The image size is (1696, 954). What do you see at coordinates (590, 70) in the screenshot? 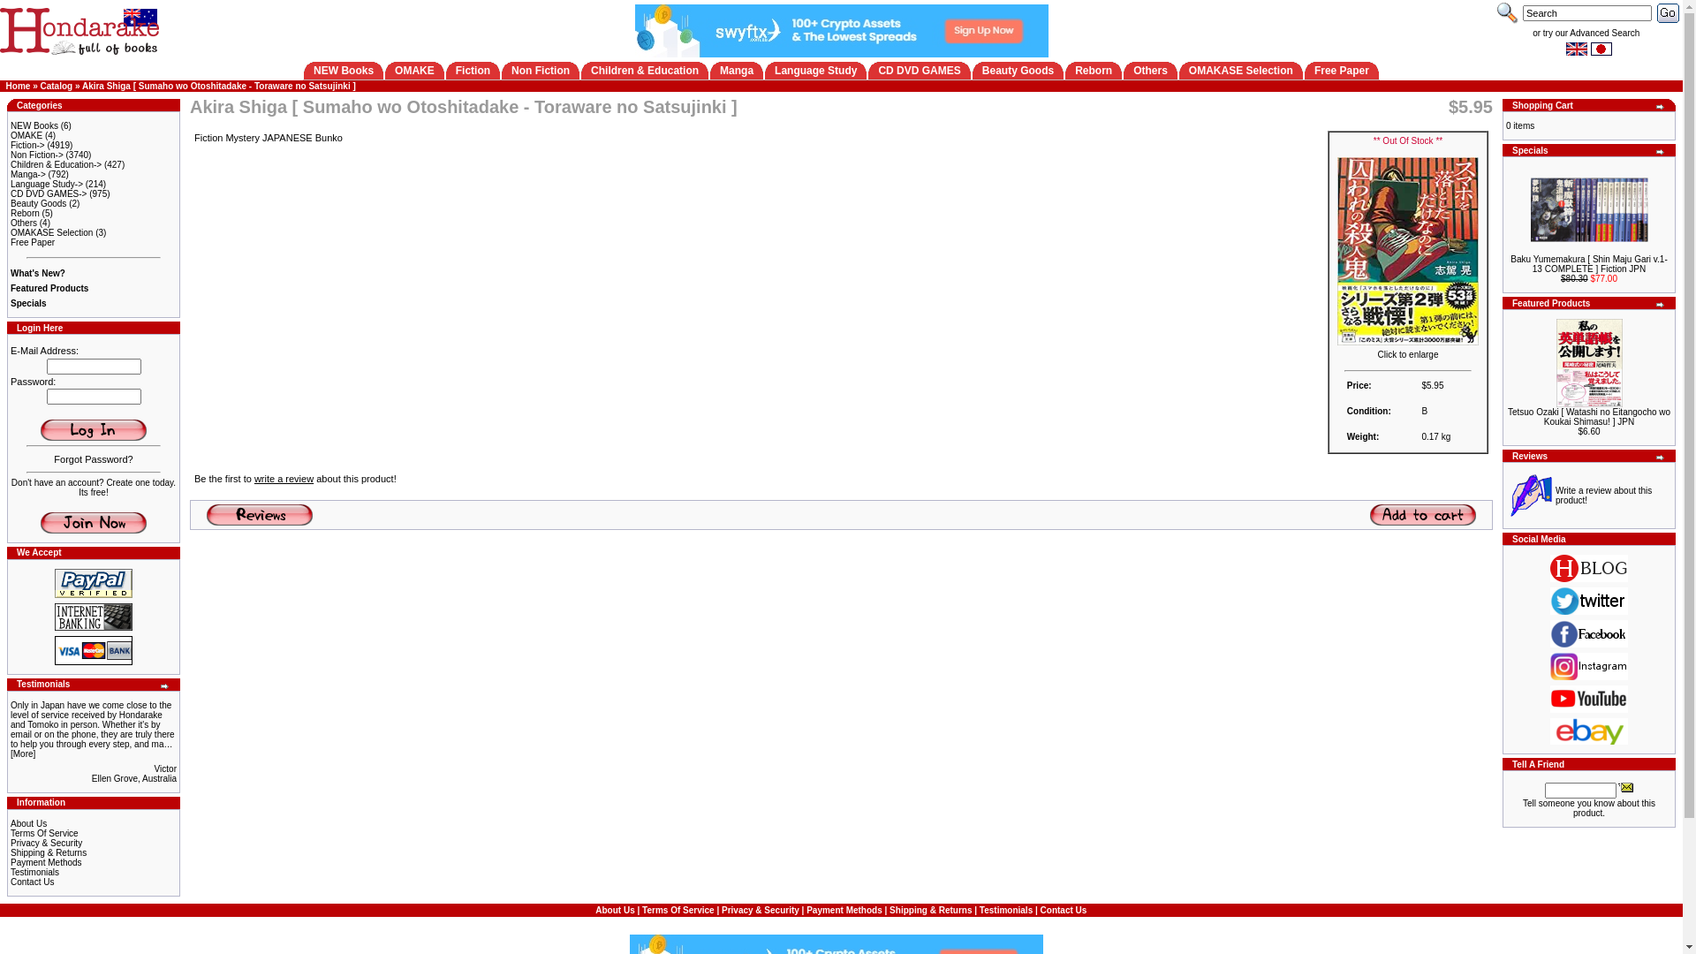
I see `'Children & Education'` at bounding box center [590, 70].